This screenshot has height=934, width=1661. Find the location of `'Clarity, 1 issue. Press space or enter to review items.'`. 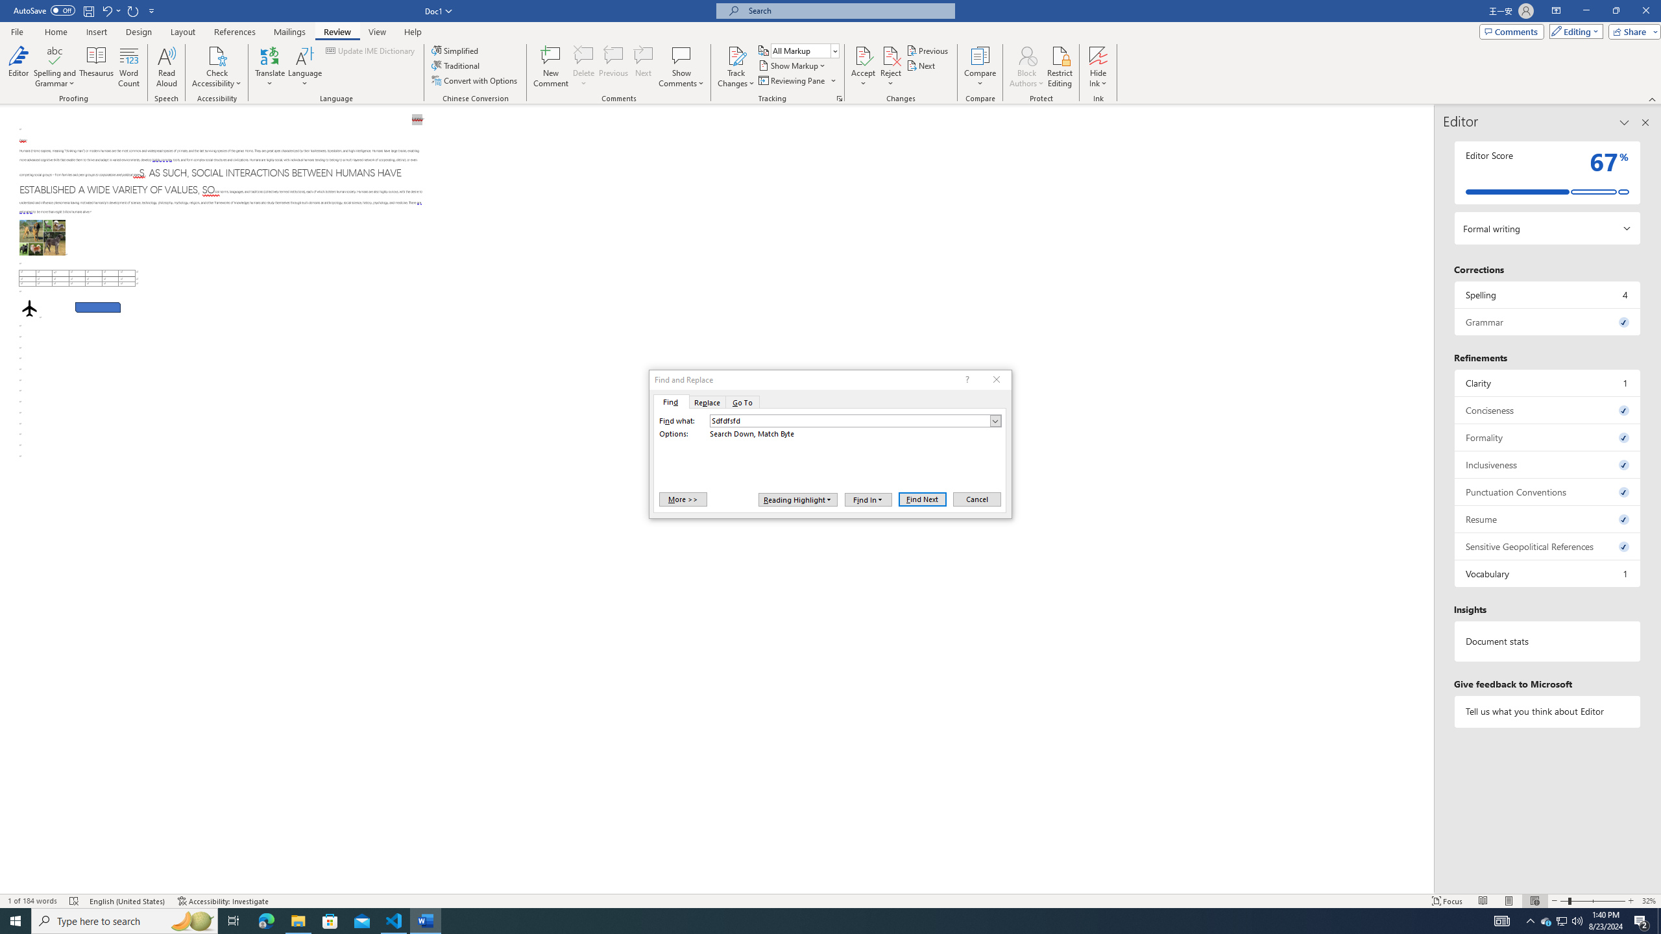

'Clarity, 1 issue. Press space or enter to review items.' is located at coordinates (1547, 382).